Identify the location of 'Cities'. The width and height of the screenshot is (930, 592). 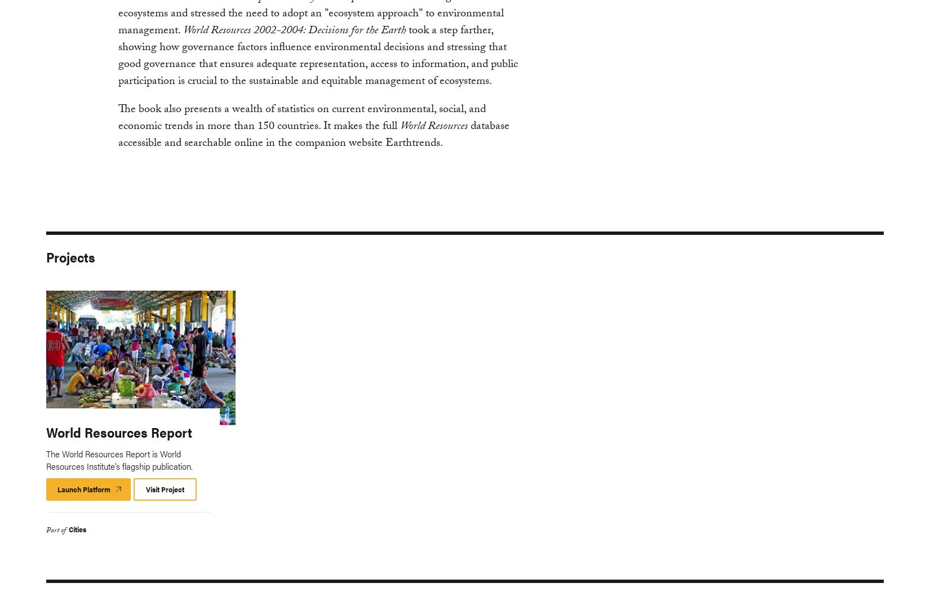
(68, 528).